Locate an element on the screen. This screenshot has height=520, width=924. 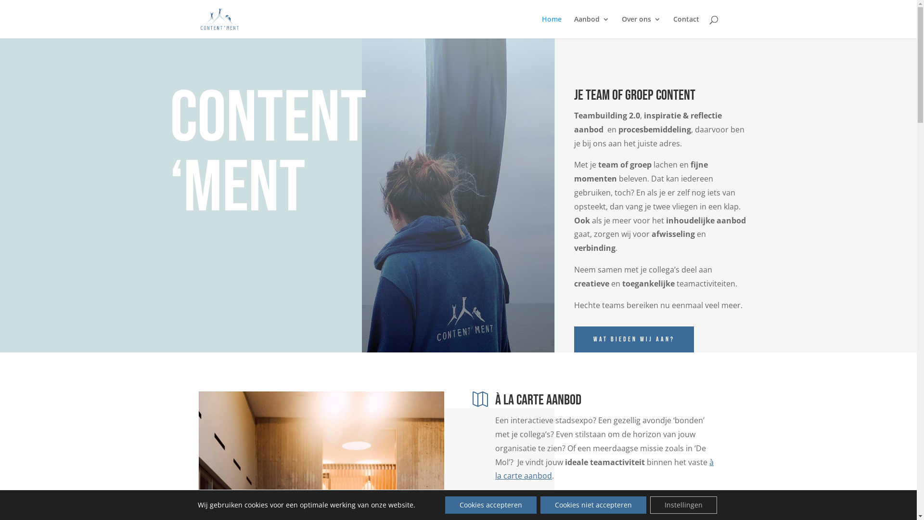
'Home' is located at coordinates (552, 26).